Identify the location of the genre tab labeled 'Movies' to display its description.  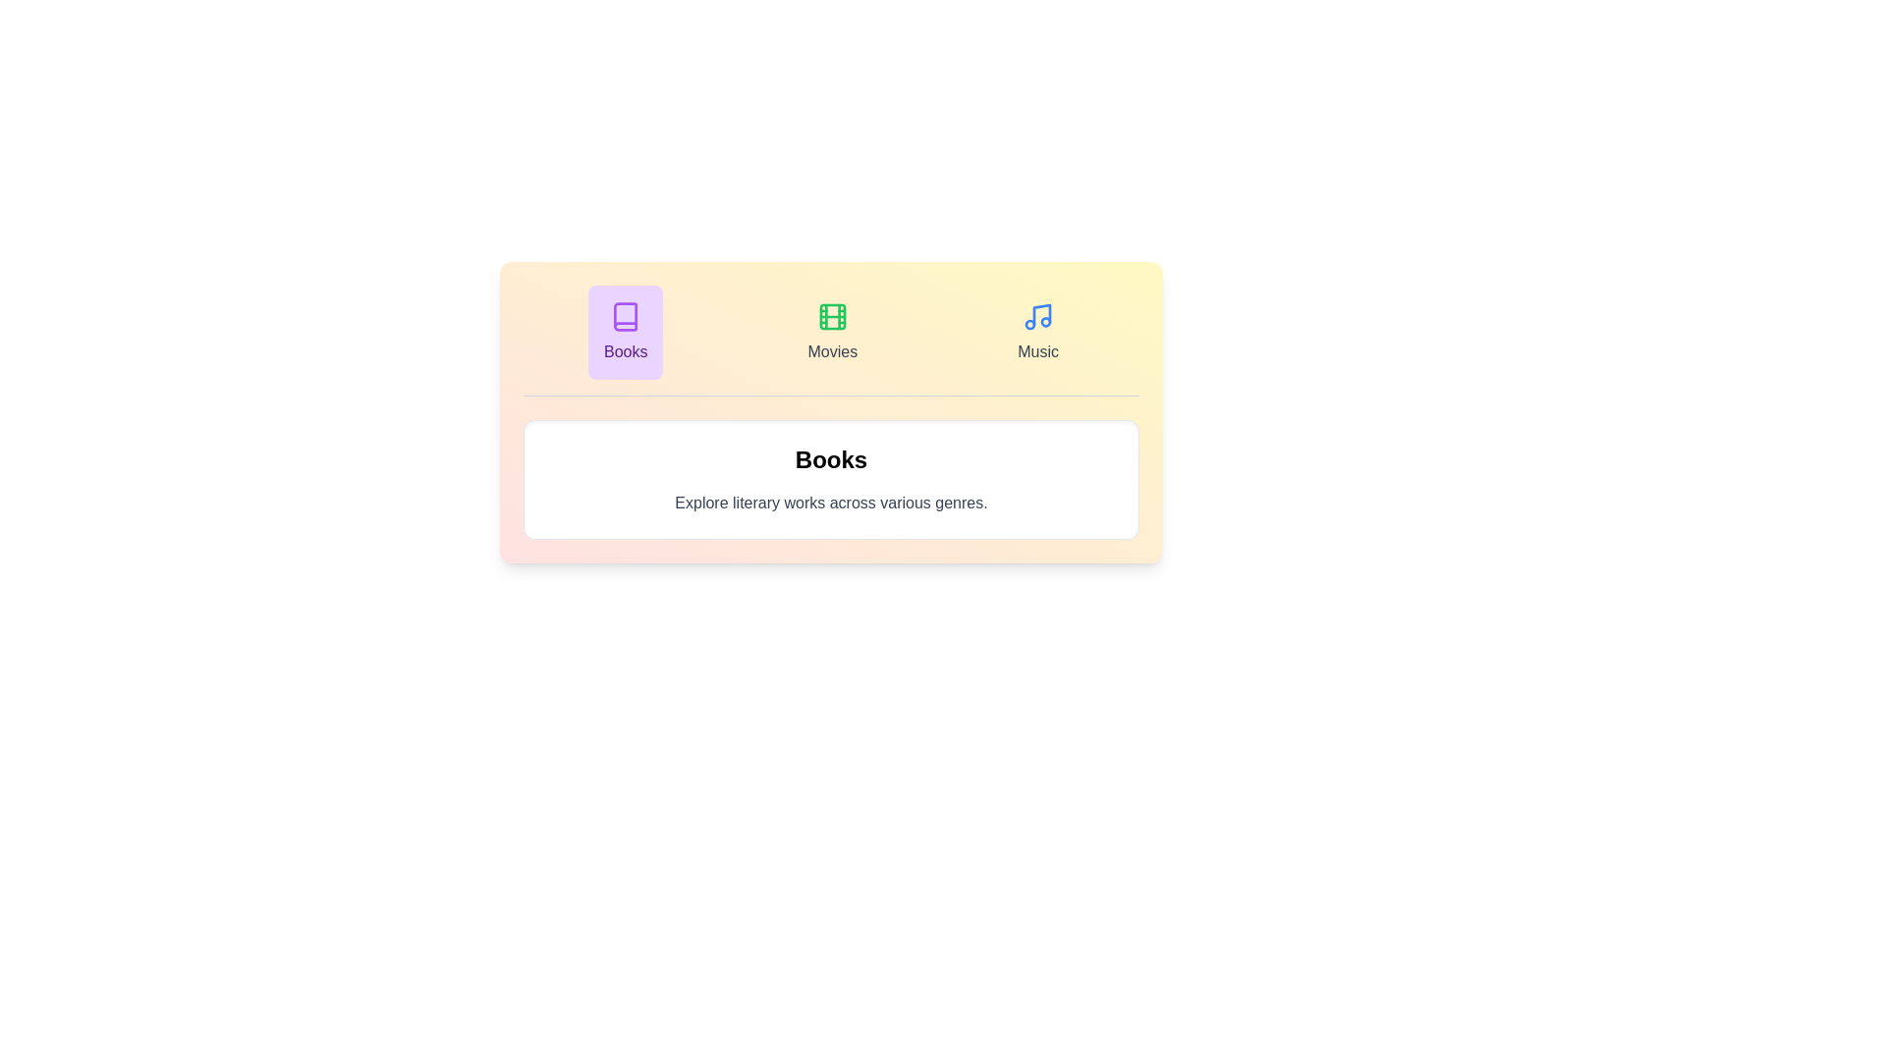
(831, 332).